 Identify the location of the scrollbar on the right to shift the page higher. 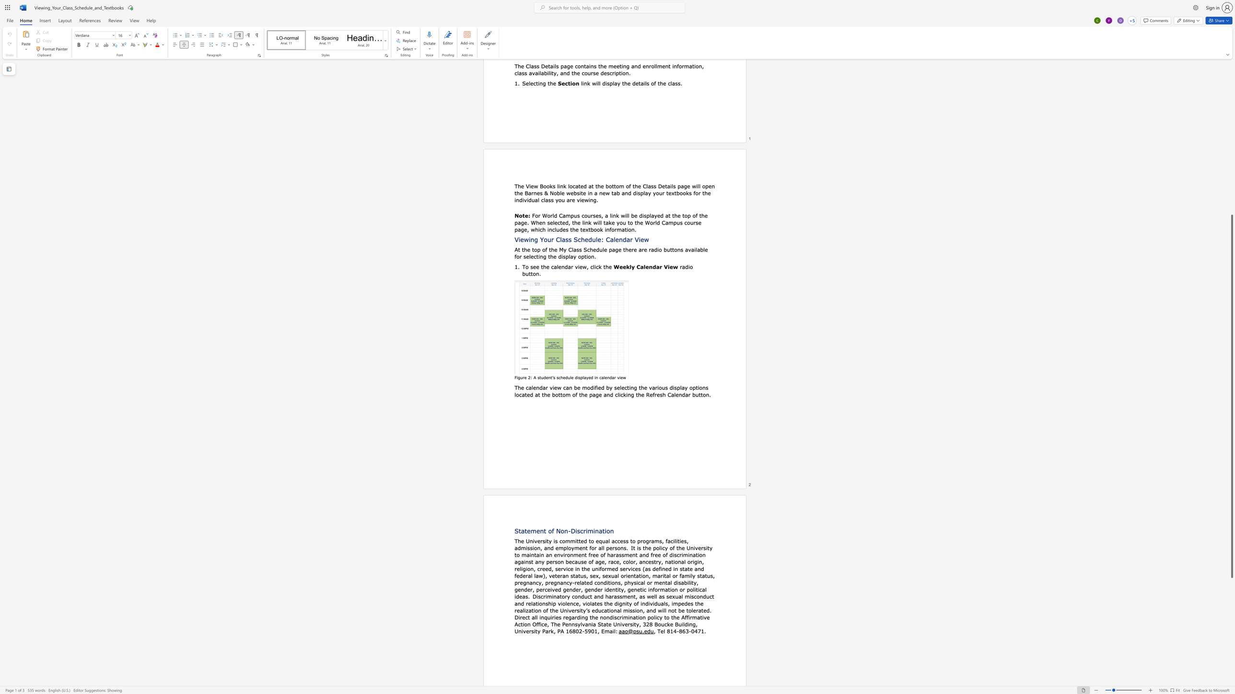
(1231, 122).